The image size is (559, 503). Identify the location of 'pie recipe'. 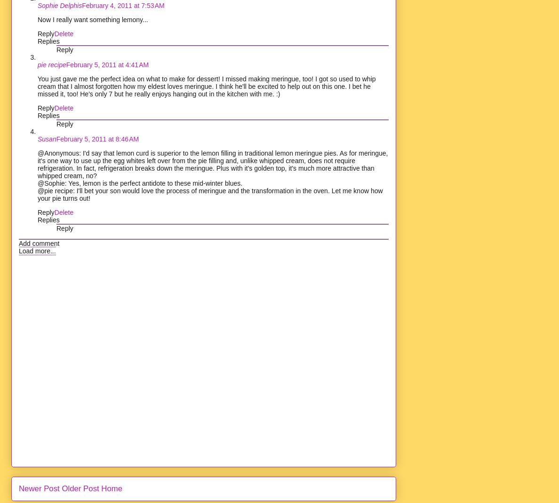
(37, 64).